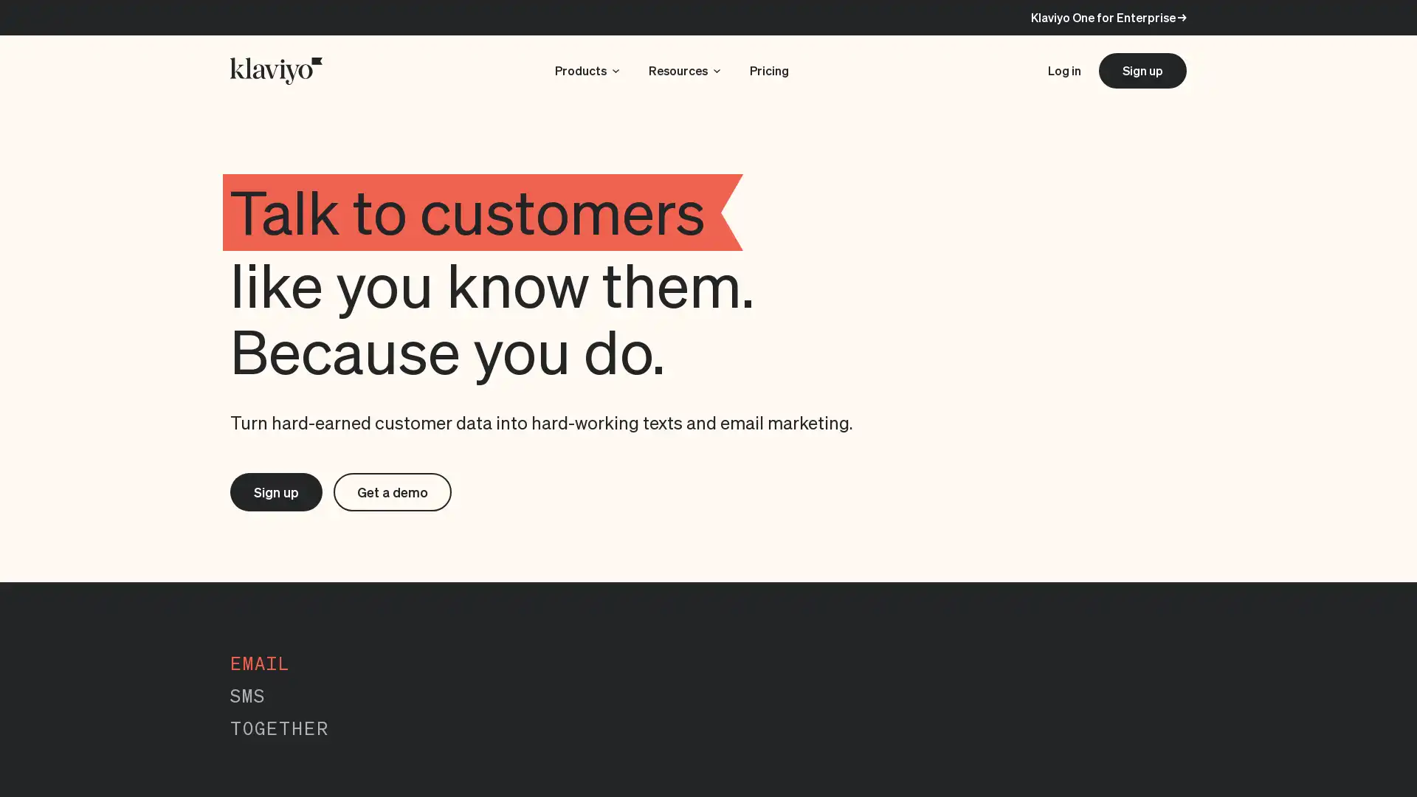 The width and height of the screenshot is (1417, 797). What do you see at coordinates (248, 698) in the screenshot?
I see `SMS` at bounding box center [248, 698].